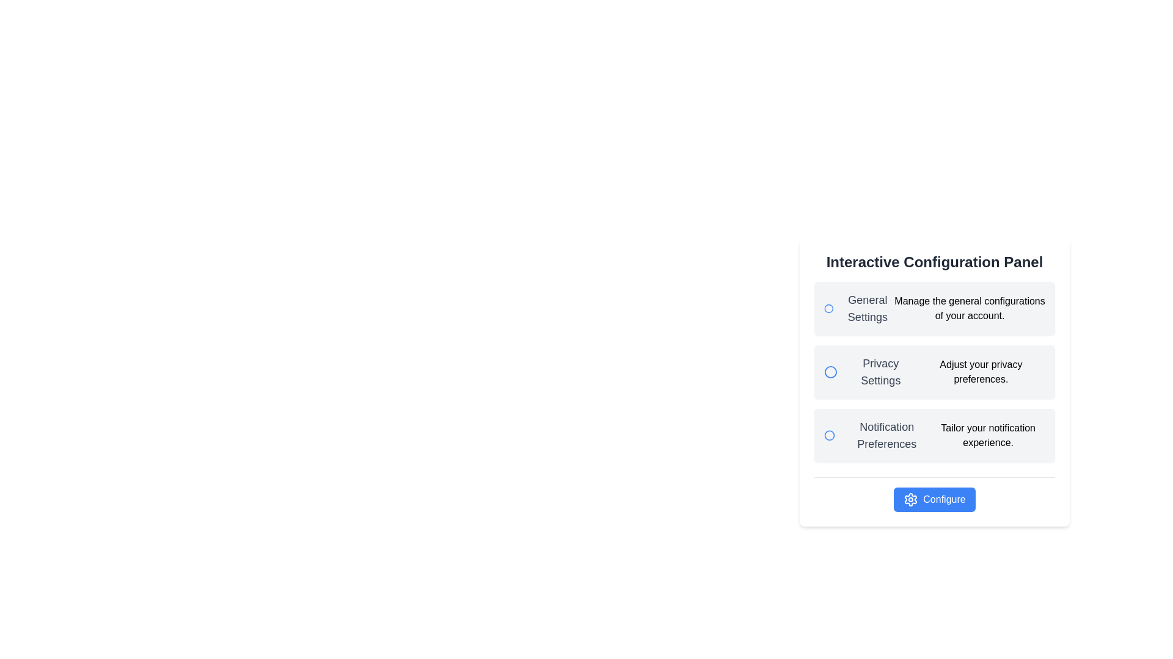 The image size is (1173, 659). I want to click on text of the 'Privacy Settings' label, which is displayed in bold gray font within the 'Interactive Configuration Panel', so click(880, 371).